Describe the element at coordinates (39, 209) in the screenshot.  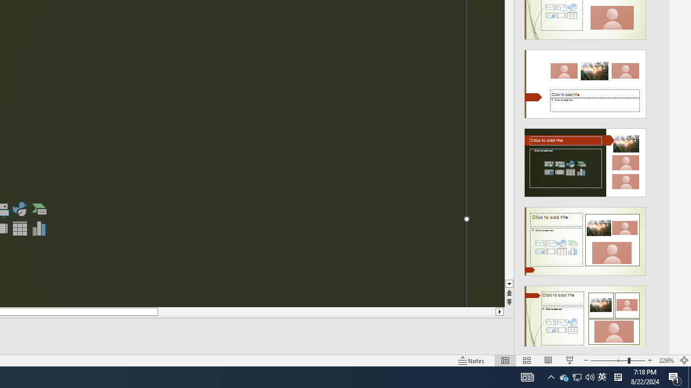
I see `'Insert a SmartArt Graphic'` at that location.